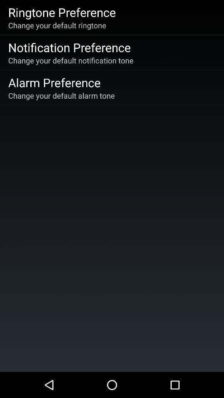 This screenshot has height=398, width=224. Describe the element at coordinates (61, 12) in the screenshot. I see `item above change your default` at that location.